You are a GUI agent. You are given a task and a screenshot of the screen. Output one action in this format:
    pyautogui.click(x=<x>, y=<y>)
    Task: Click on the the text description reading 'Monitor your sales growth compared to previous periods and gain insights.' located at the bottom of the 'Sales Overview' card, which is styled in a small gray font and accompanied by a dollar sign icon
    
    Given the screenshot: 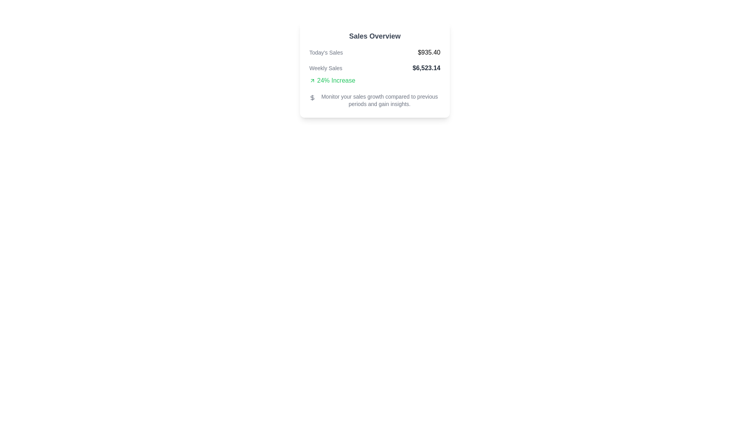 What is the action you would take?
    pyautogui.click(x=374, y=100)
    